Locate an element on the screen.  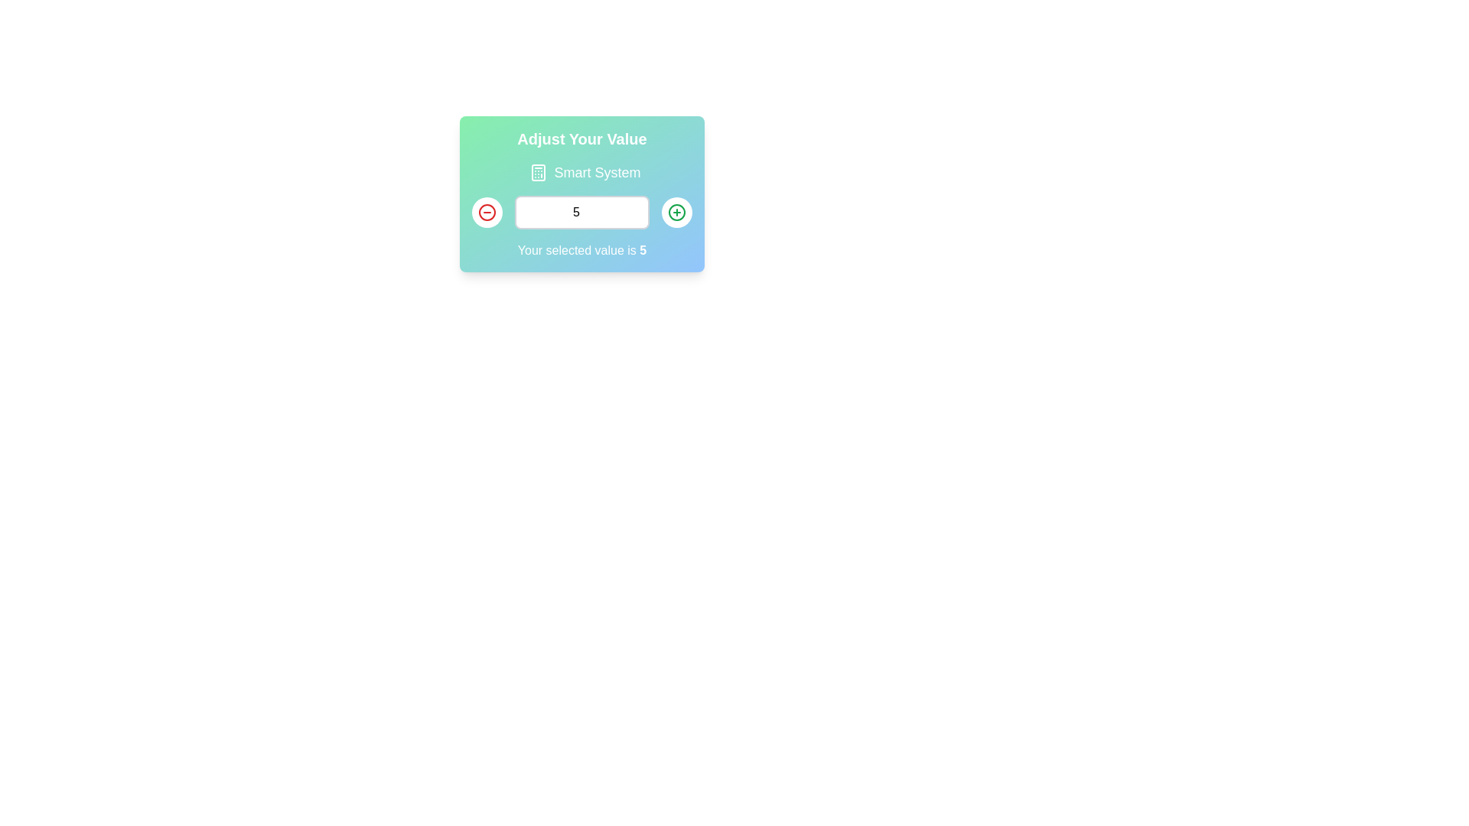
the rectangular component that resembles a calculator button, which is centrally positioned within the calculator icon is located at coordinates (539, 172).